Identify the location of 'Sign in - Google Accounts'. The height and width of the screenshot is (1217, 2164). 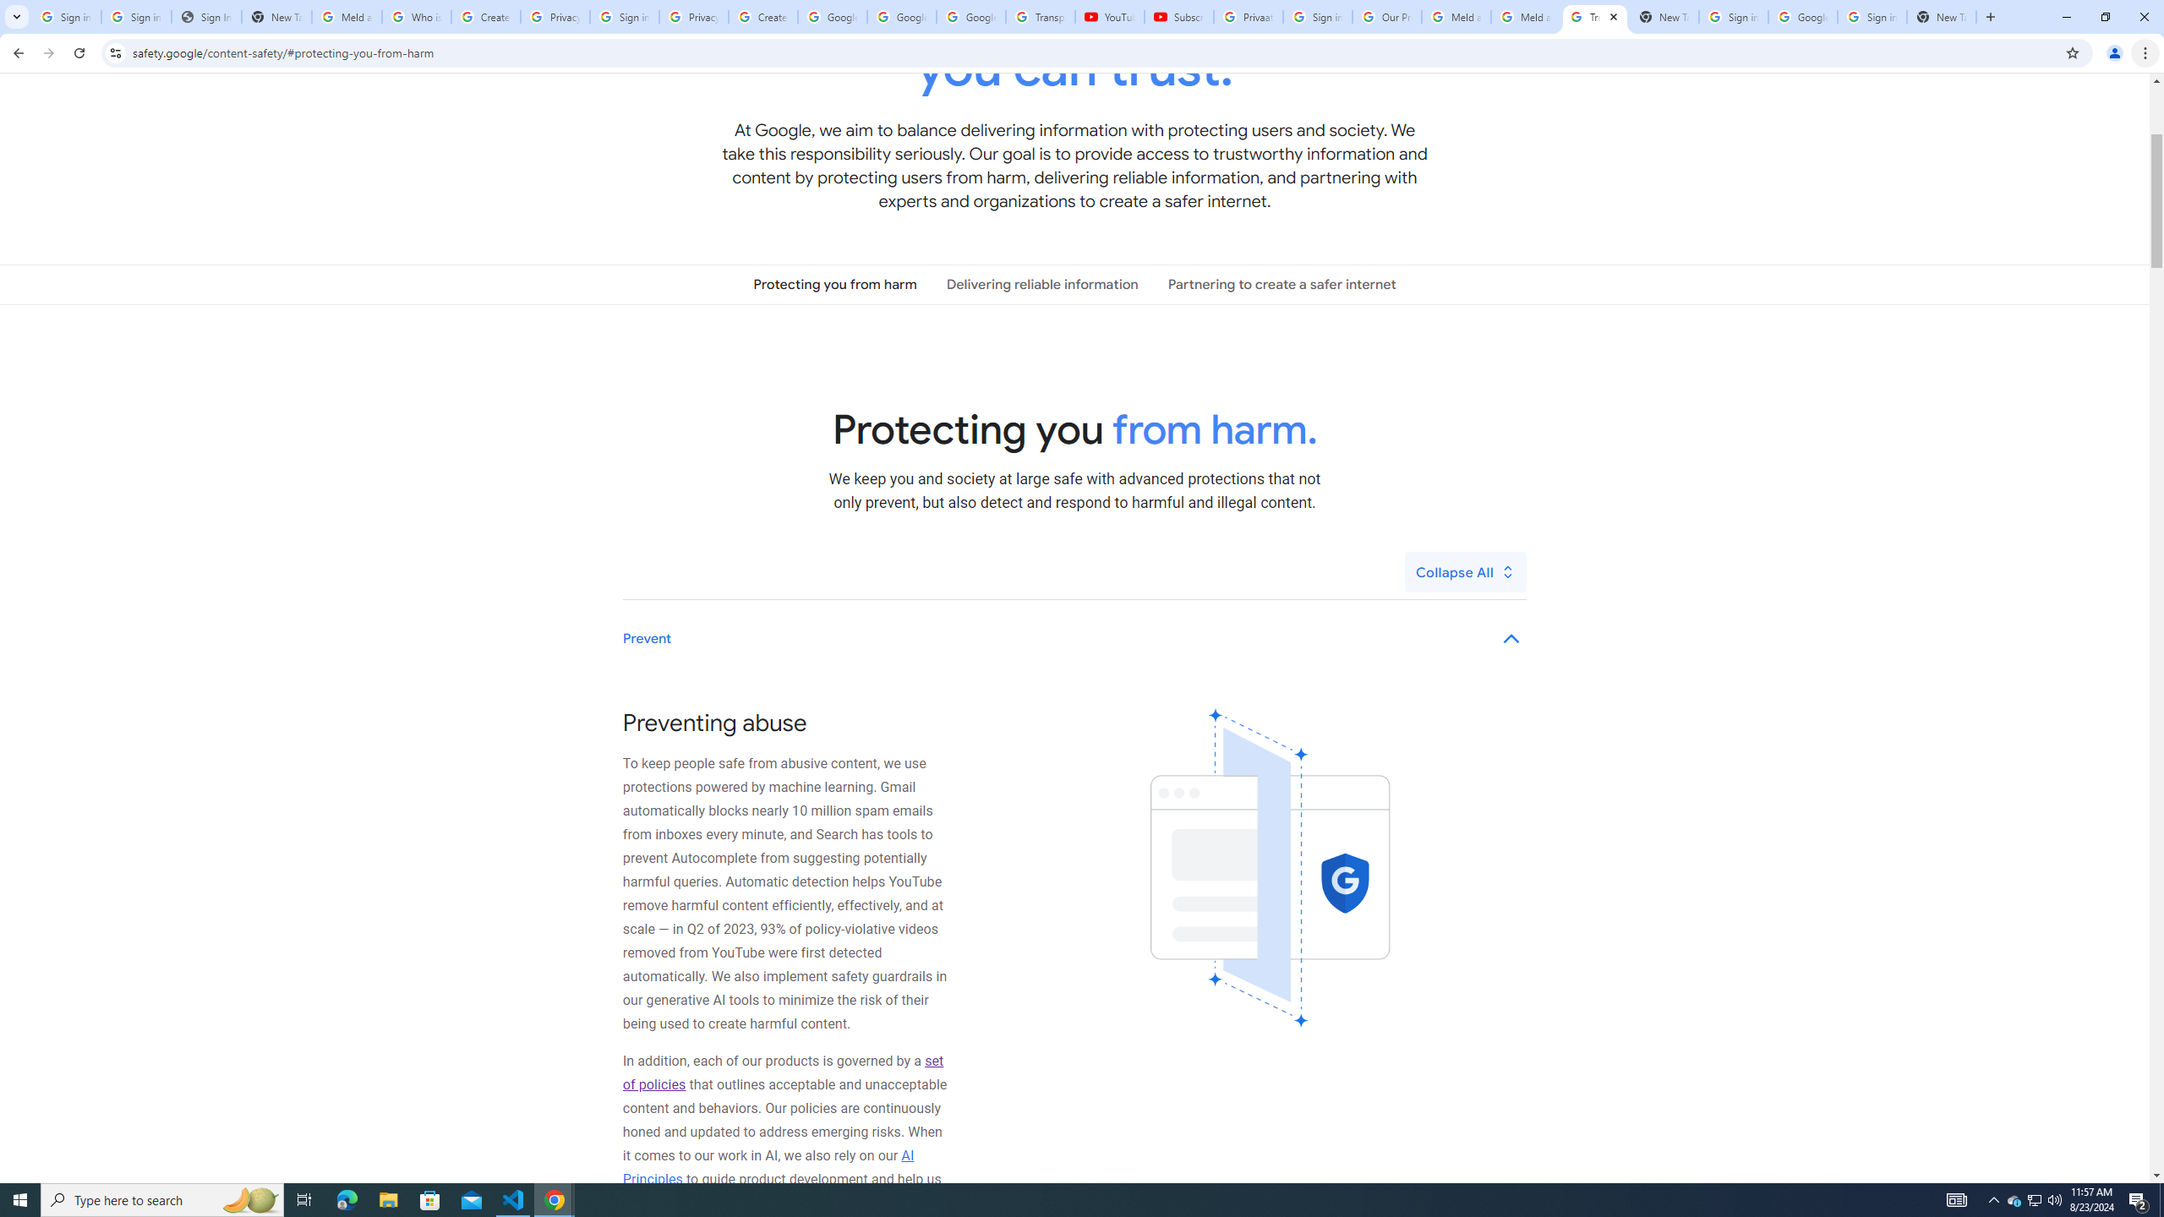
(623, 16).